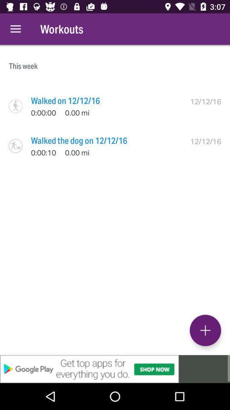 The height and width of the screenshot is (410, 230). I want to click on the add icon, so click(205, 330).